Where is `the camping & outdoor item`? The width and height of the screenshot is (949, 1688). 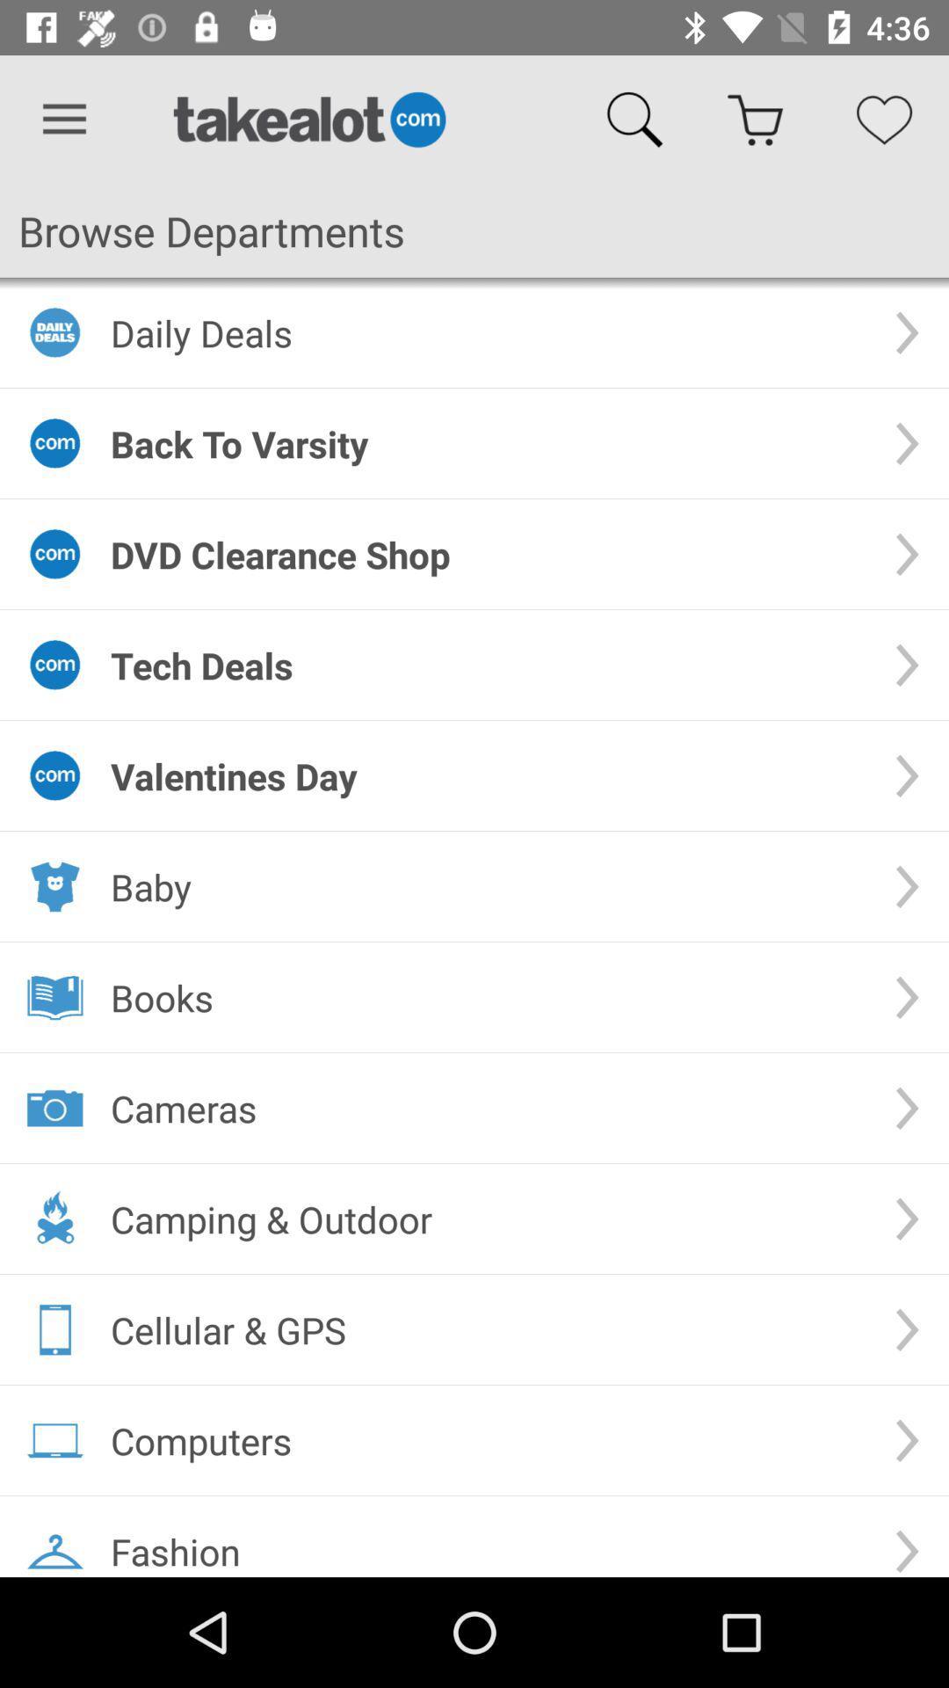
the camping & outdoor item is located at coordinates (488, 1218).